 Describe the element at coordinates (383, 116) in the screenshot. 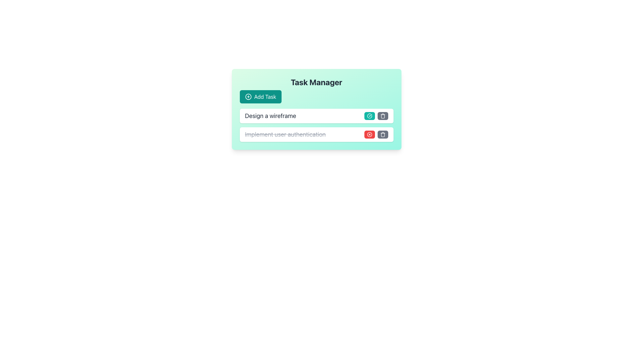

I see `the trash icon button at the right end of the second task row labeled 'Design a wireframe'` at that location.